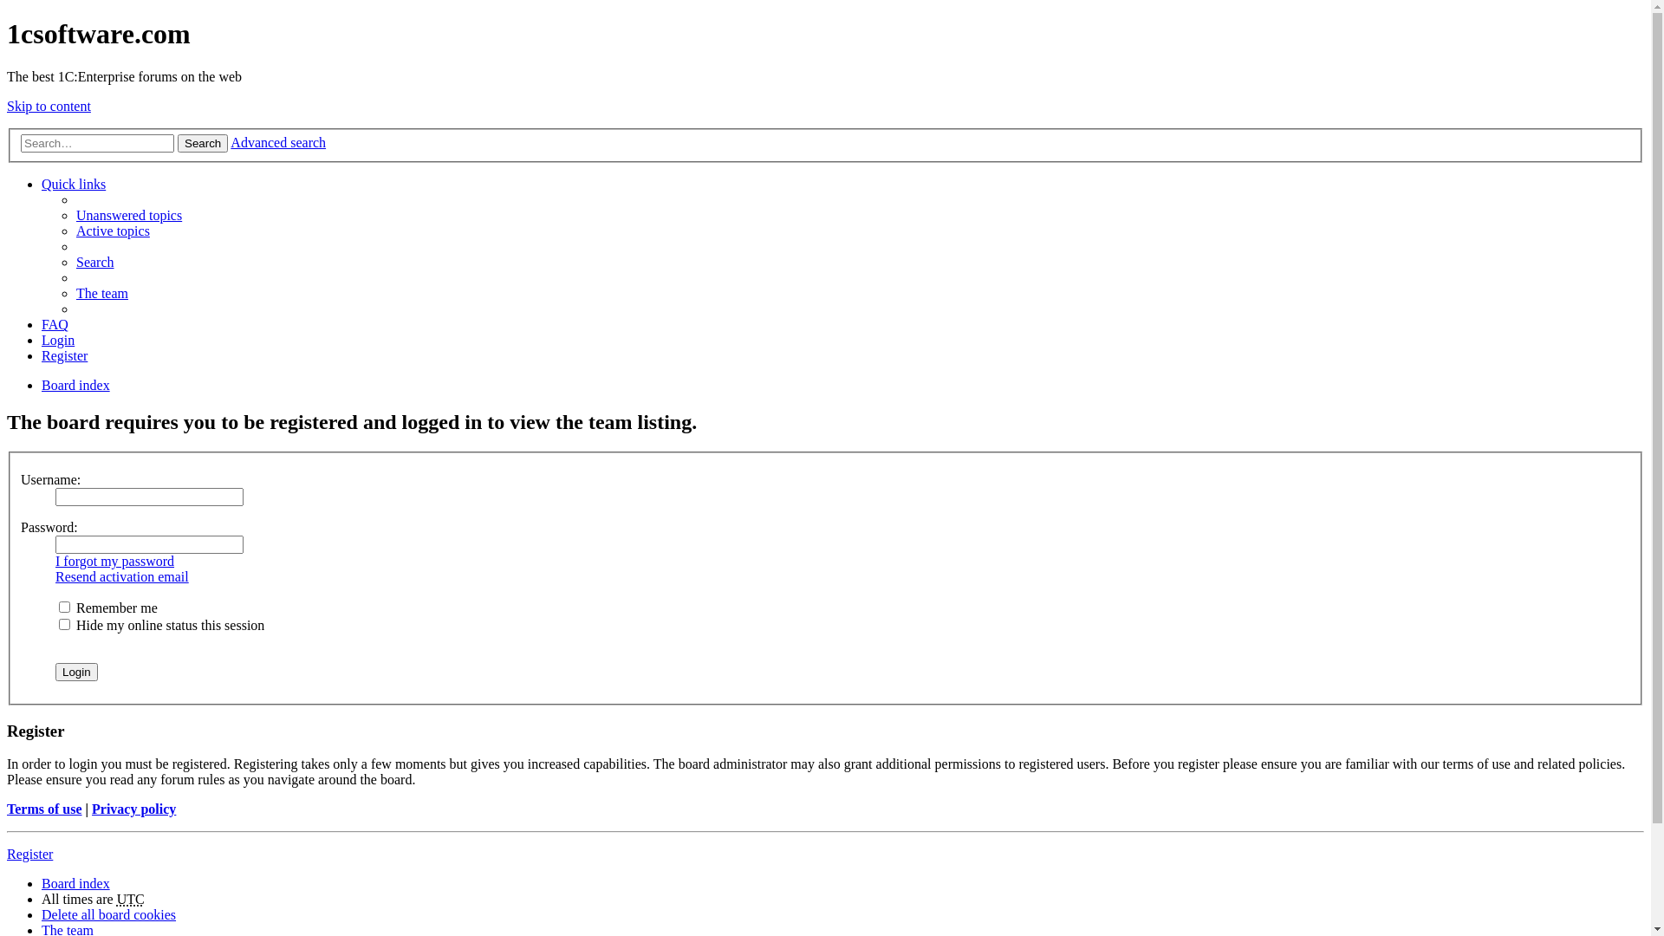  What do you see at coordinates (7, 809) in the screenshot?
I see `'Terms of use'` at bounding box center [7, 809].